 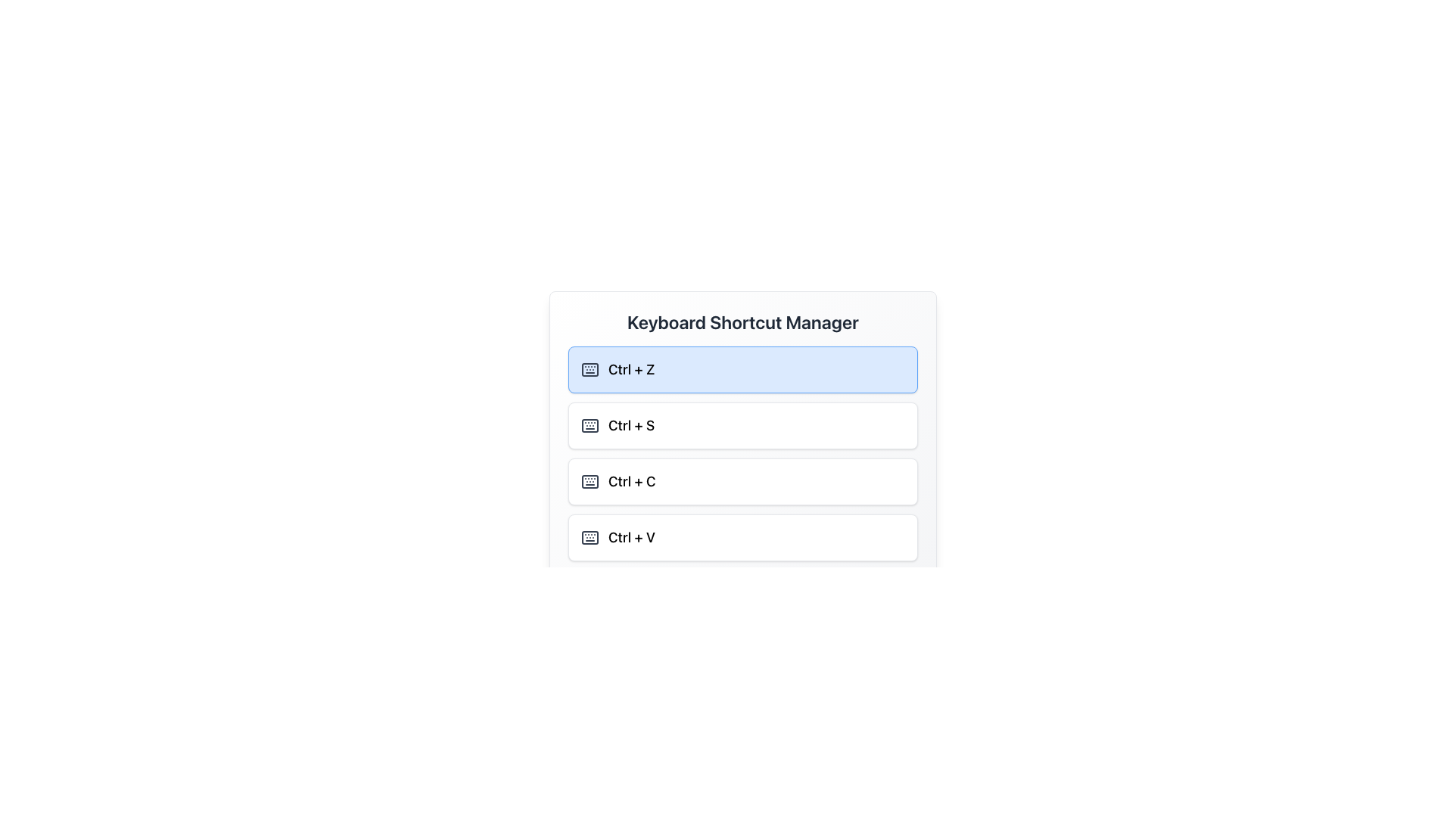 I want to click on the SVG Rectangle that represents the 'Keyboard' icon located in the second item of the listed control shortcuts within the interface, so click(x=589, y=426).